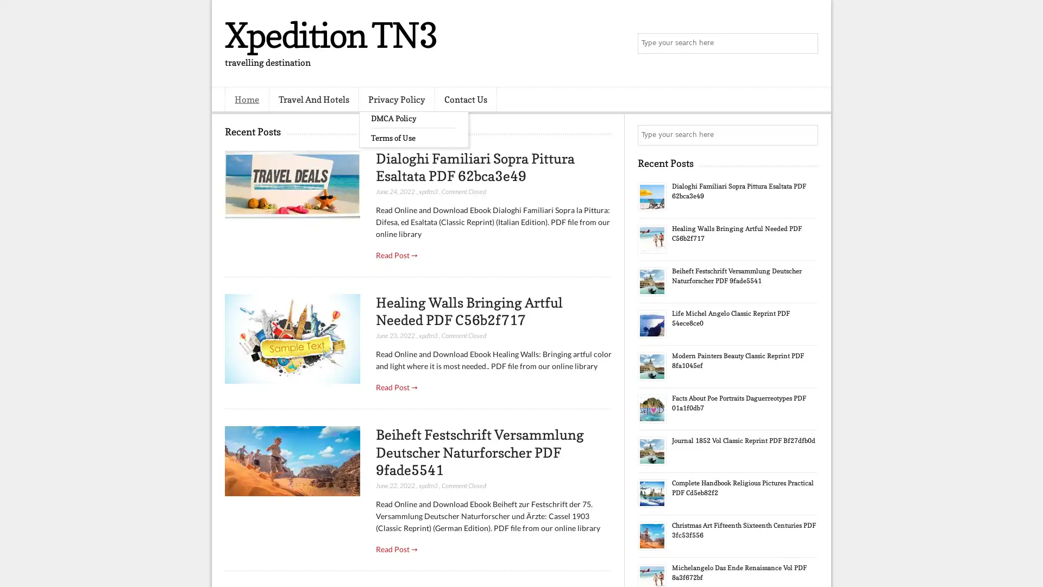 The width and height of the screenshot is (1043, 587). I want to click on Search, so click(807, 135).